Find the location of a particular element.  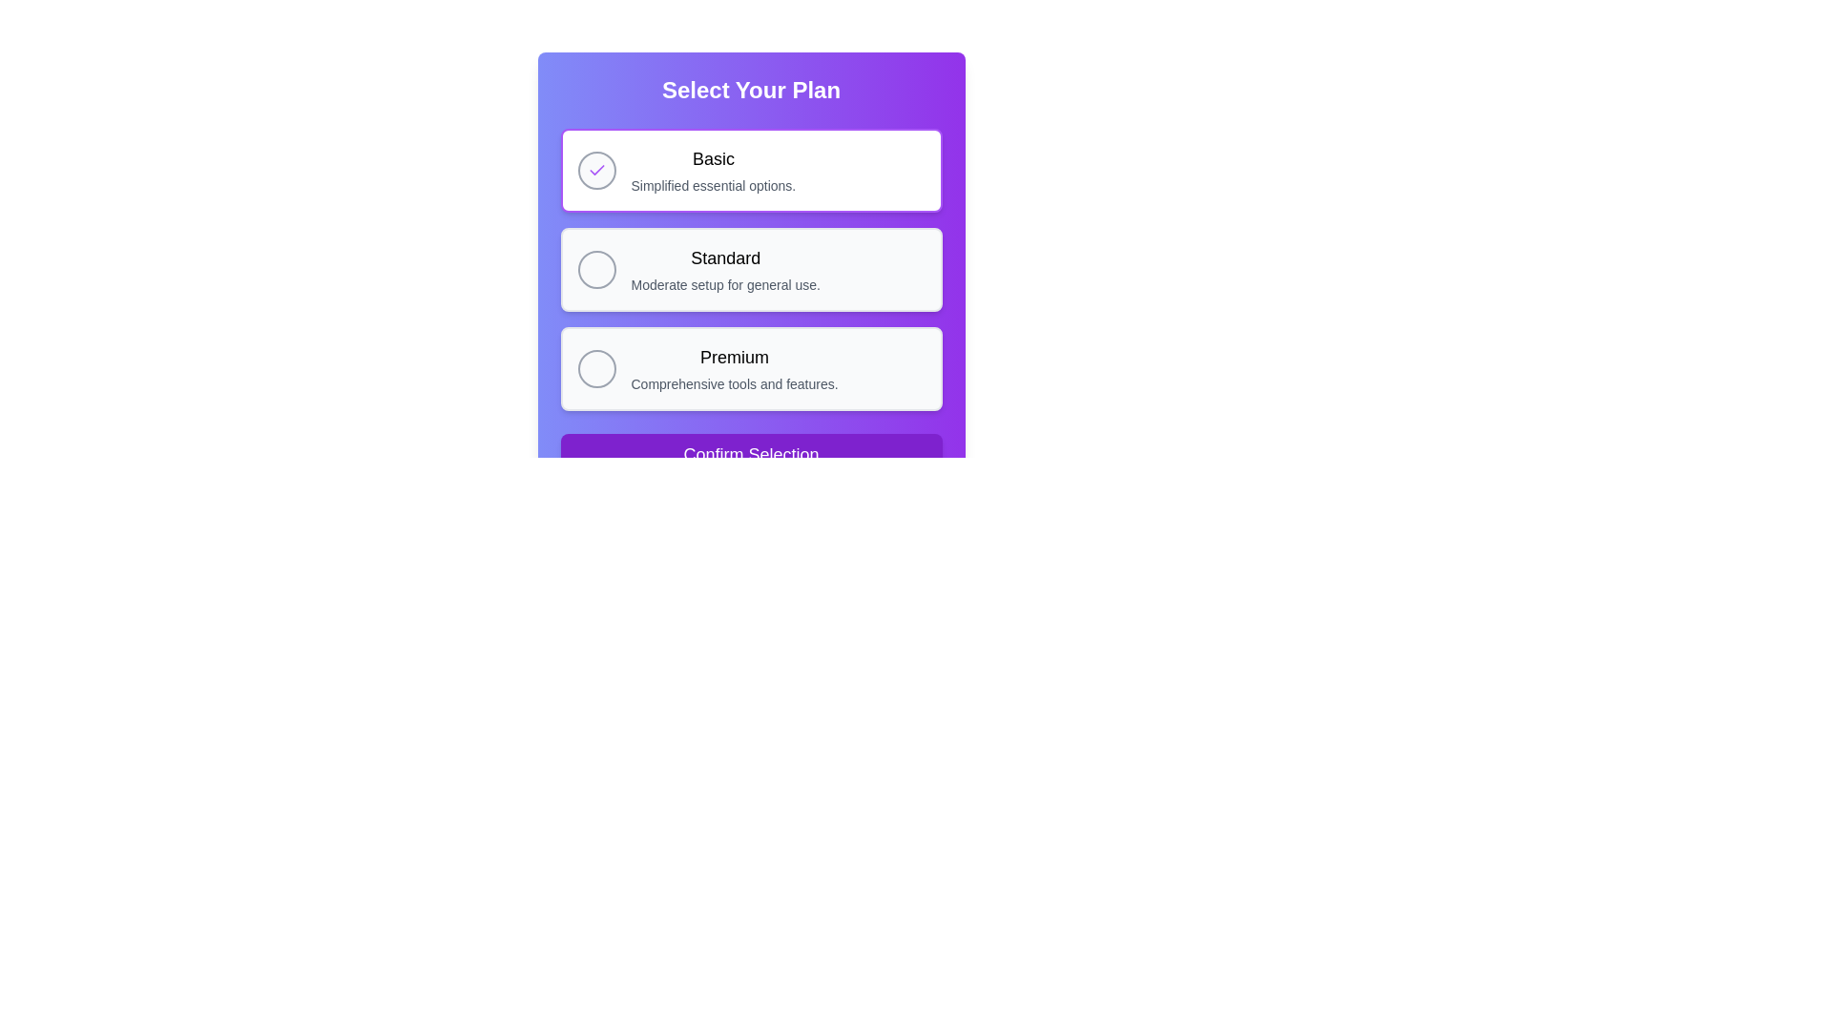

the 'Confirm Selection' button with a purple background to observe its color change effect is located at coordinates (750, 455).